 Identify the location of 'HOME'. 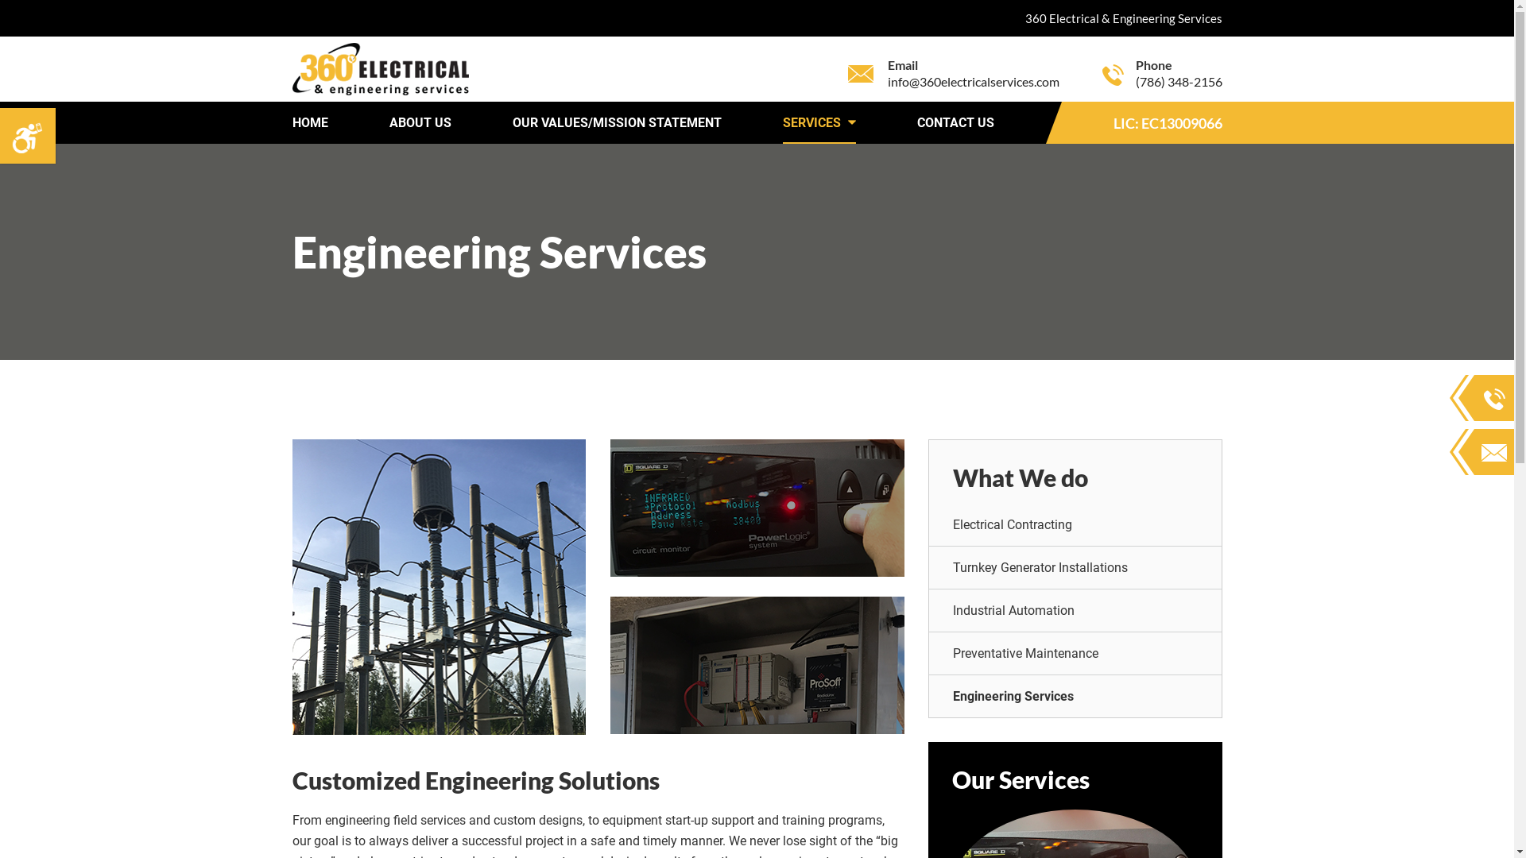
(310, 122).